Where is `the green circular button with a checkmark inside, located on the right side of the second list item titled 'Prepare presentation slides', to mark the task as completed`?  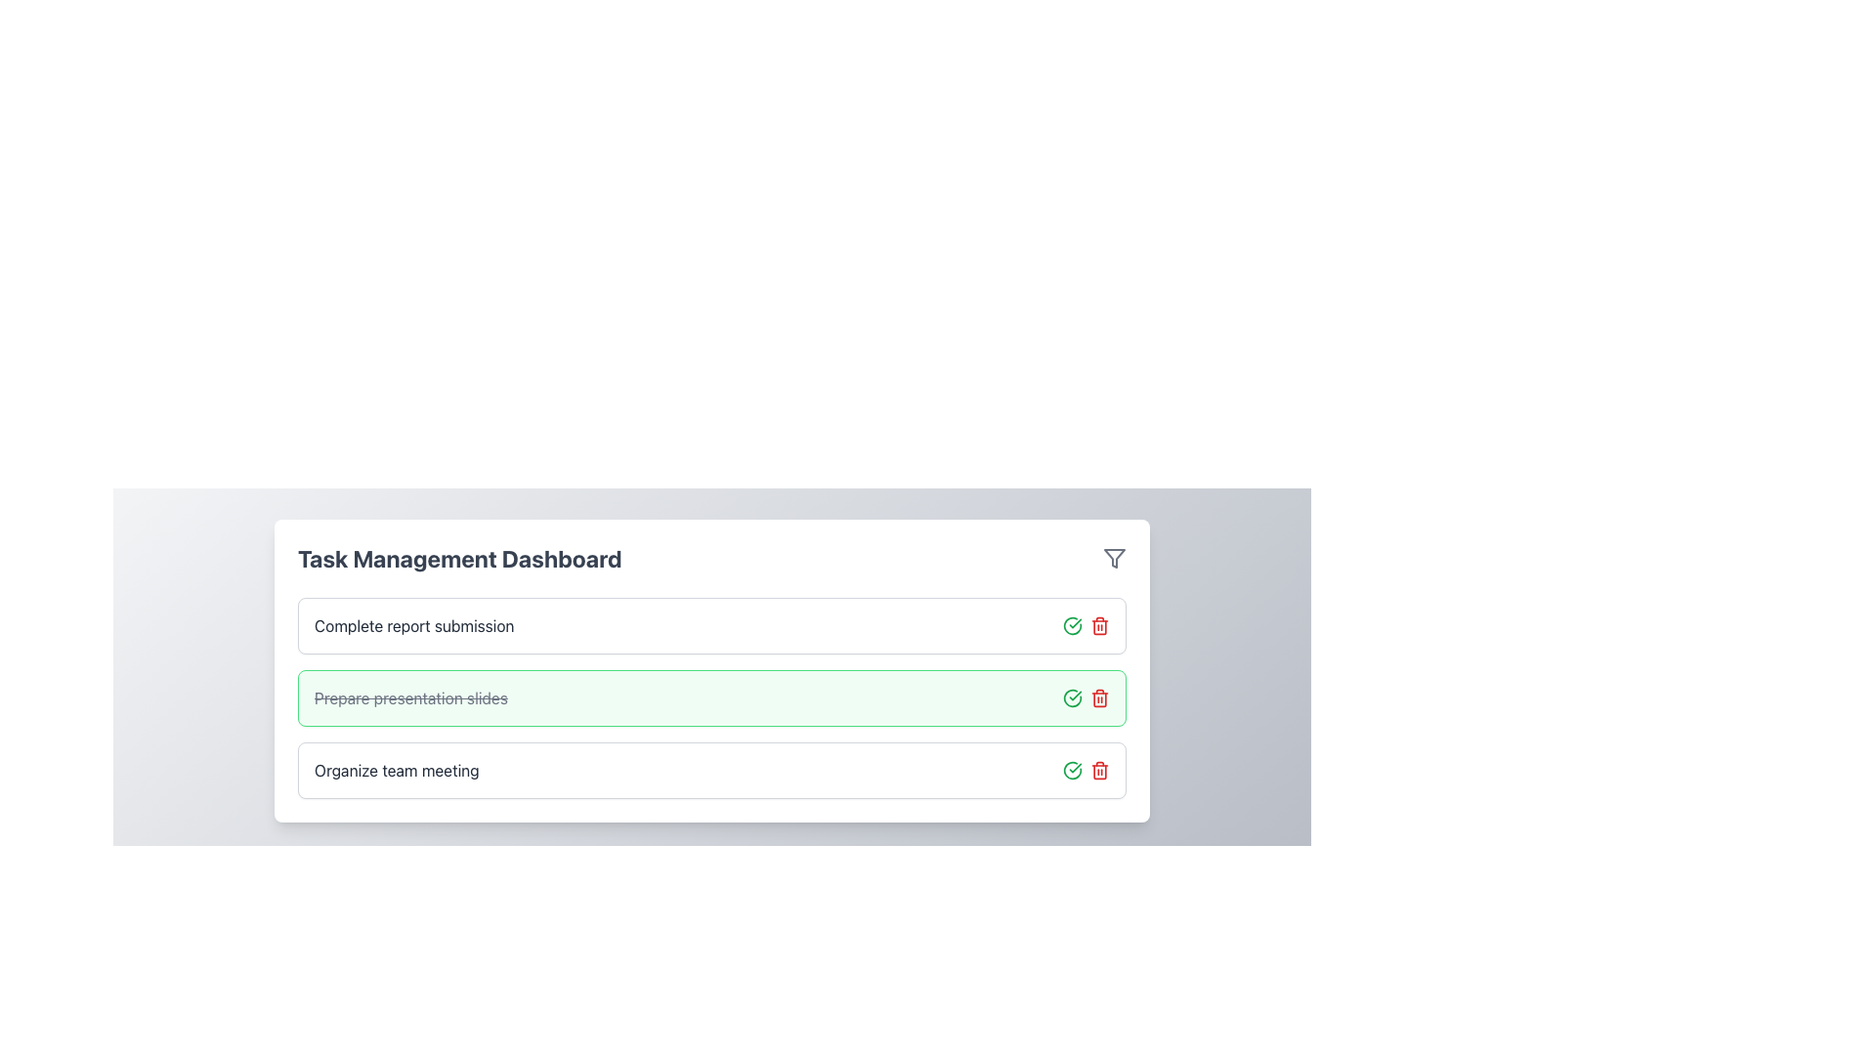 the green circular button with a checkmark inside, located on the right side of the second list item titled 'Prepare presentation slides', to mark the task as completed is located at coordinates (1072, 625).